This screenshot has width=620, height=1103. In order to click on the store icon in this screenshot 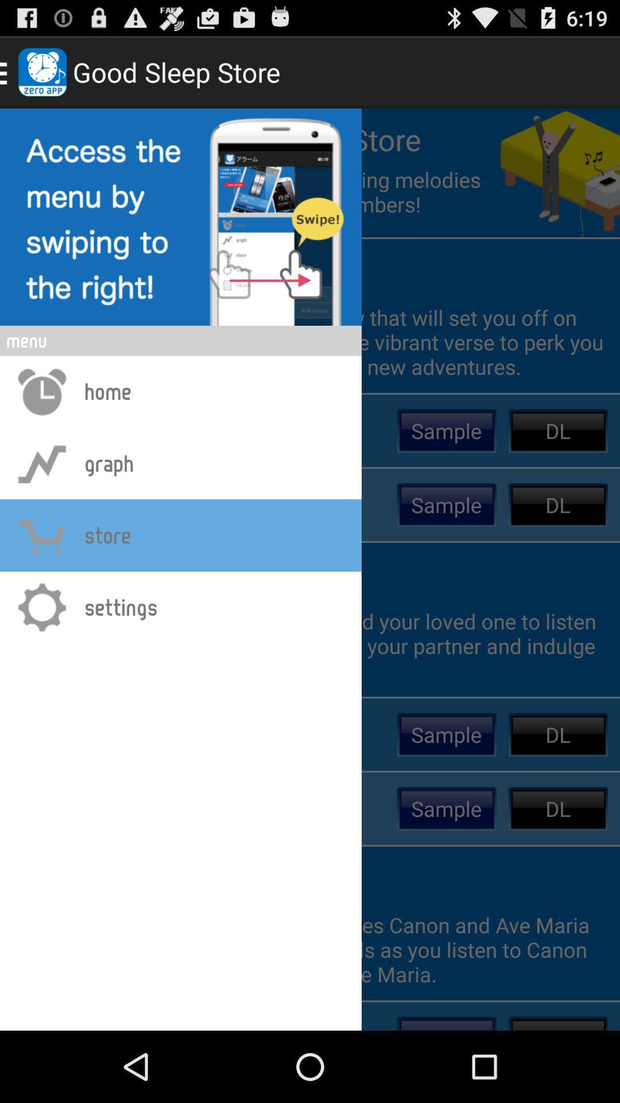, I will do `click(41, 534)`.